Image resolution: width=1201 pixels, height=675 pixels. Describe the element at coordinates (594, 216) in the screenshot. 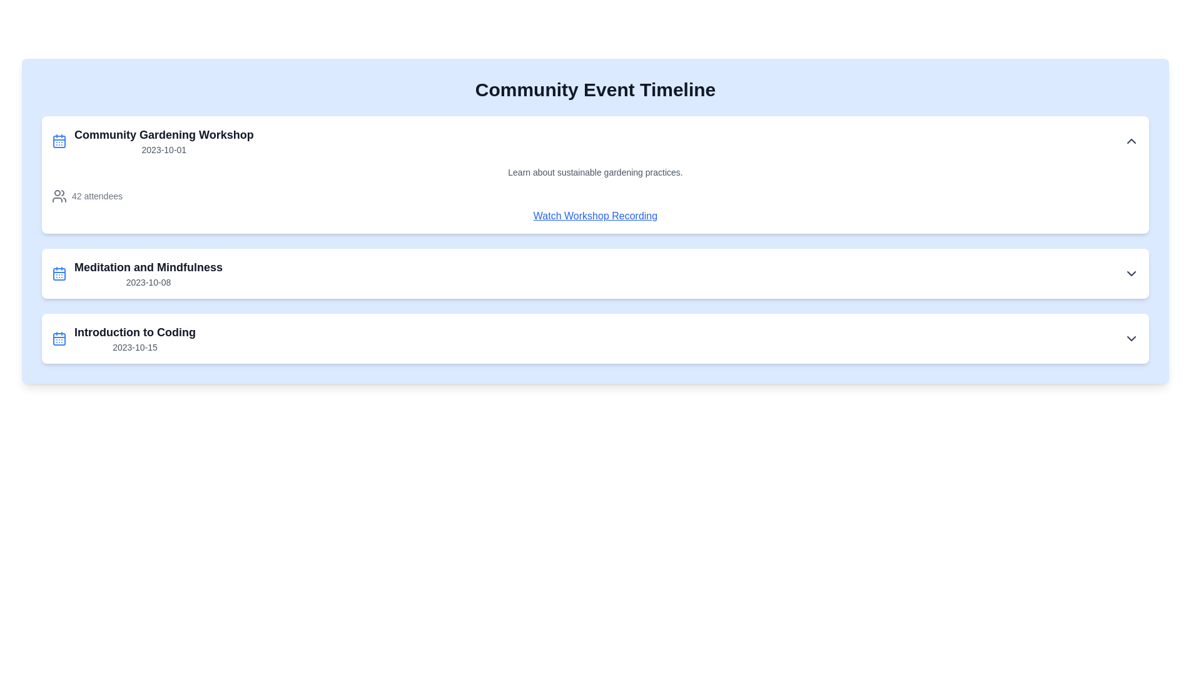

I see `the 'Watch Workshop Recording' hyperlink, which is styled with blue text and underlined, located under the 'Community Event Timeline' heading` at that location.